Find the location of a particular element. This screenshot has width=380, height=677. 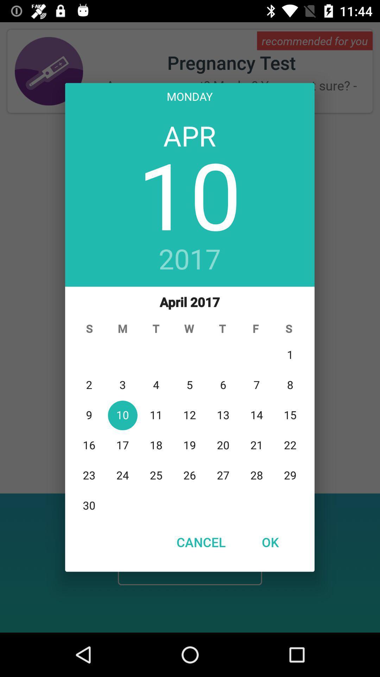

the cancel item is located at coordinates (201, 542).